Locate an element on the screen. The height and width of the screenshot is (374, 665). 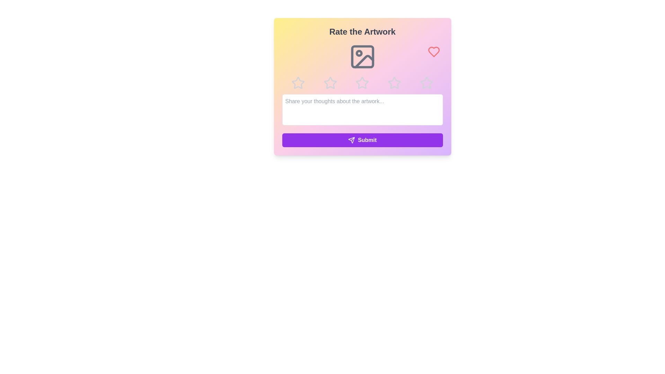
the rating to 2 stars by clicking on the corresponding star icon is located at coordinates (330, 82).